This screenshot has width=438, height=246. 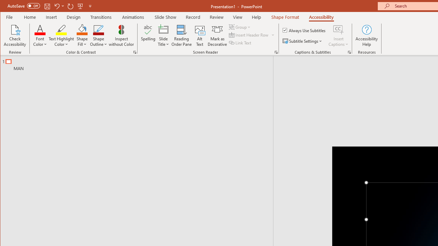 What do you see at coordinates (249, 35) in the screenshot?
I see `'Insert Header Row'` at bounding box center [249, 35].